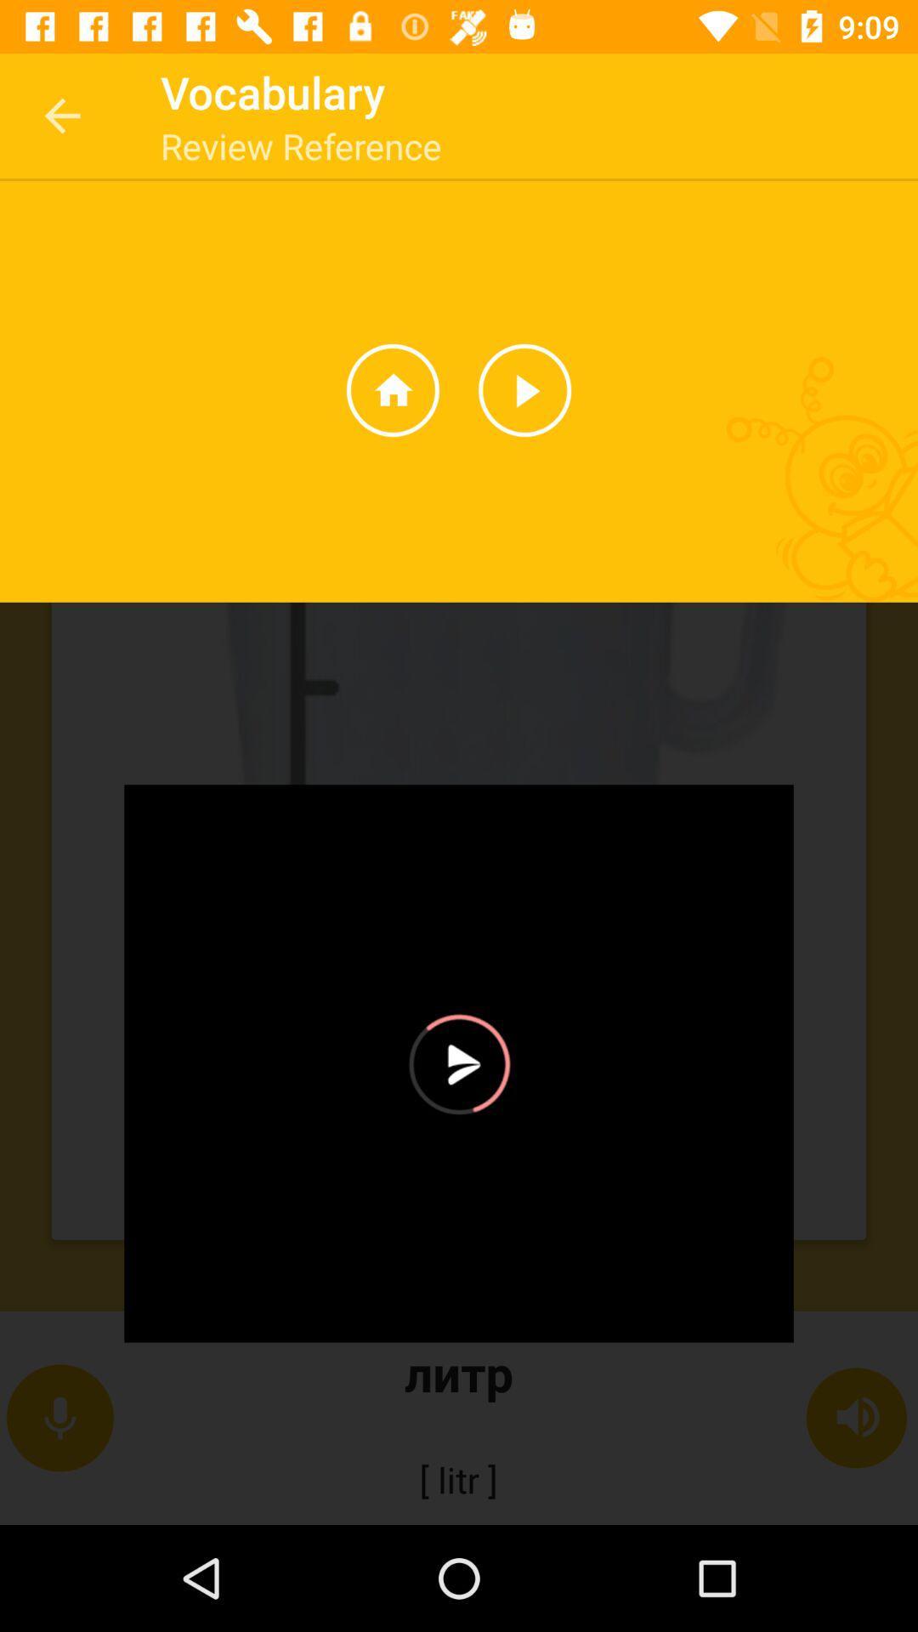 The height and width of the screenshot is (1632, 918). What do you see at coordinates (459, 745) in the screenshot?
I see `the image below review reference which consists of three options` at bounding box center [459, 745].